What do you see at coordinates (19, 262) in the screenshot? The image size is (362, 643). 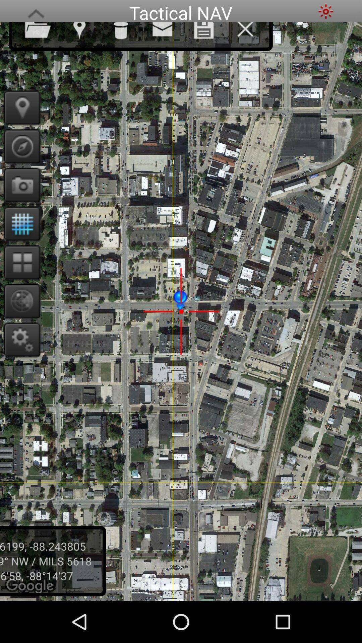 I see `open new apps` at bounding box center [19, 262].